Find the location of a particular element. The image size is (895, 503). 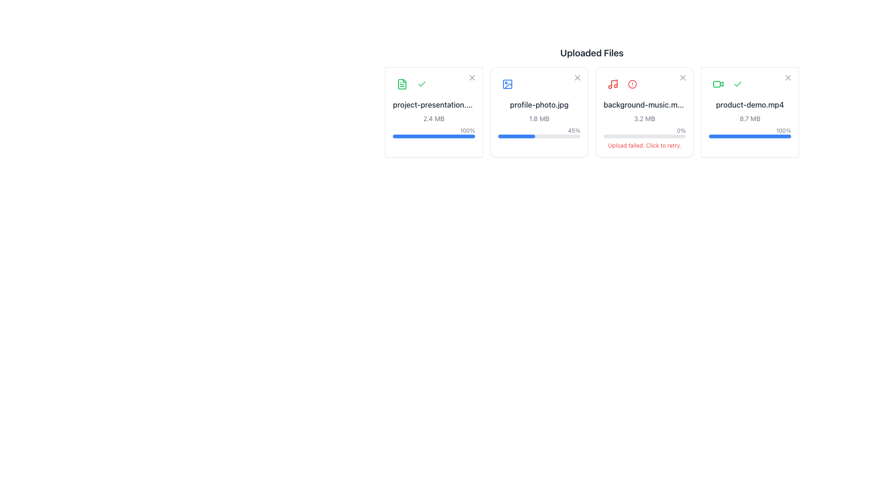

the text label that displays the file size (2.4 MB), which is centrally aligned below the file name and above the progress percentage and status bar is located at coordinates (434, 118).